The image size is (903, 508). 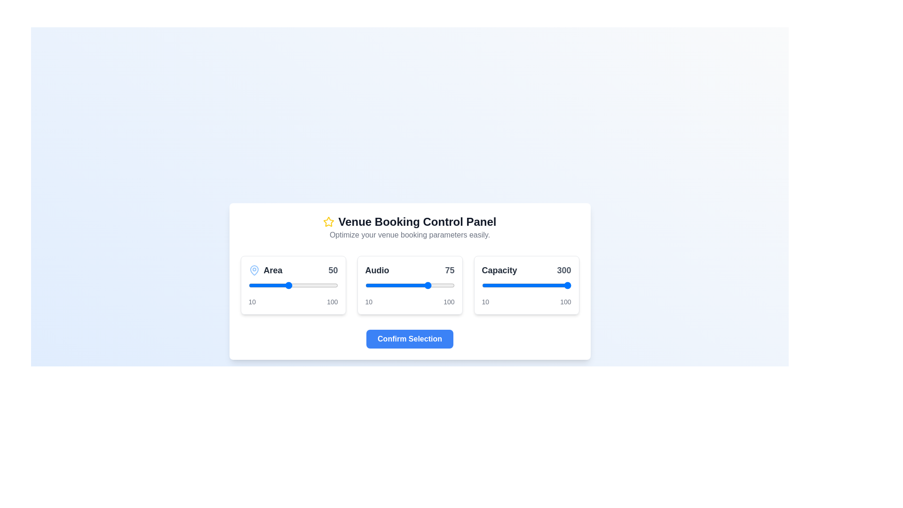 What do you see at coordinates (400, 285) in the screenshot?
I see `the audio level` at bounding box center [400, 285].